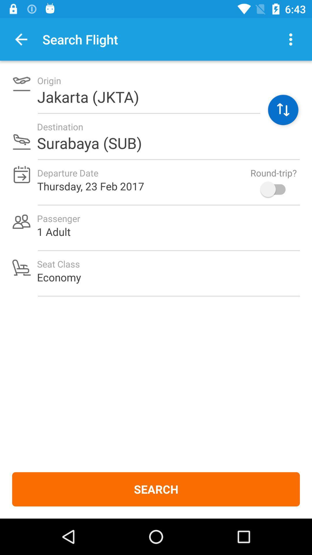 This screenshot has width=312, height=555. What do you see at coordinates (283, 110) in the screenshot?
I see `switch origin and destination` at bounding box center [283, 110].